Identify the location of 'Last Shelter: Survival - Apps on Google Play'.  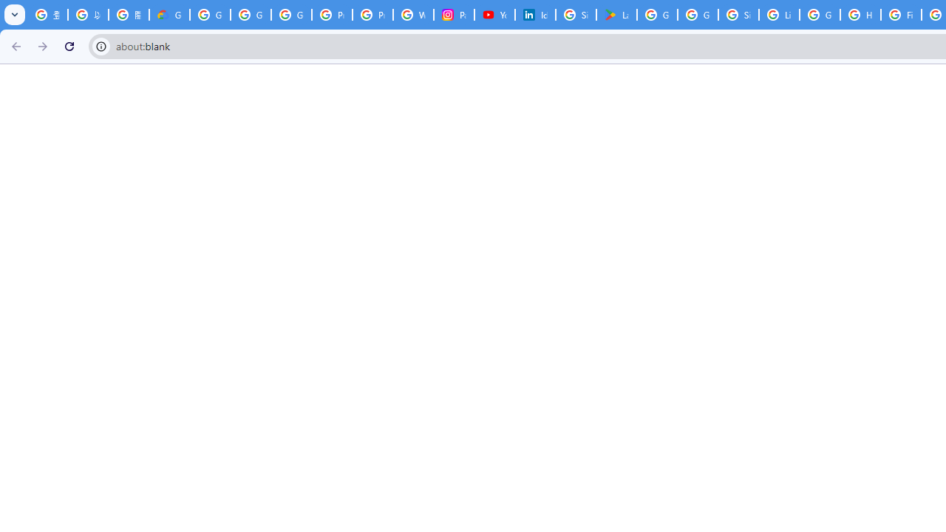
(616, 15).